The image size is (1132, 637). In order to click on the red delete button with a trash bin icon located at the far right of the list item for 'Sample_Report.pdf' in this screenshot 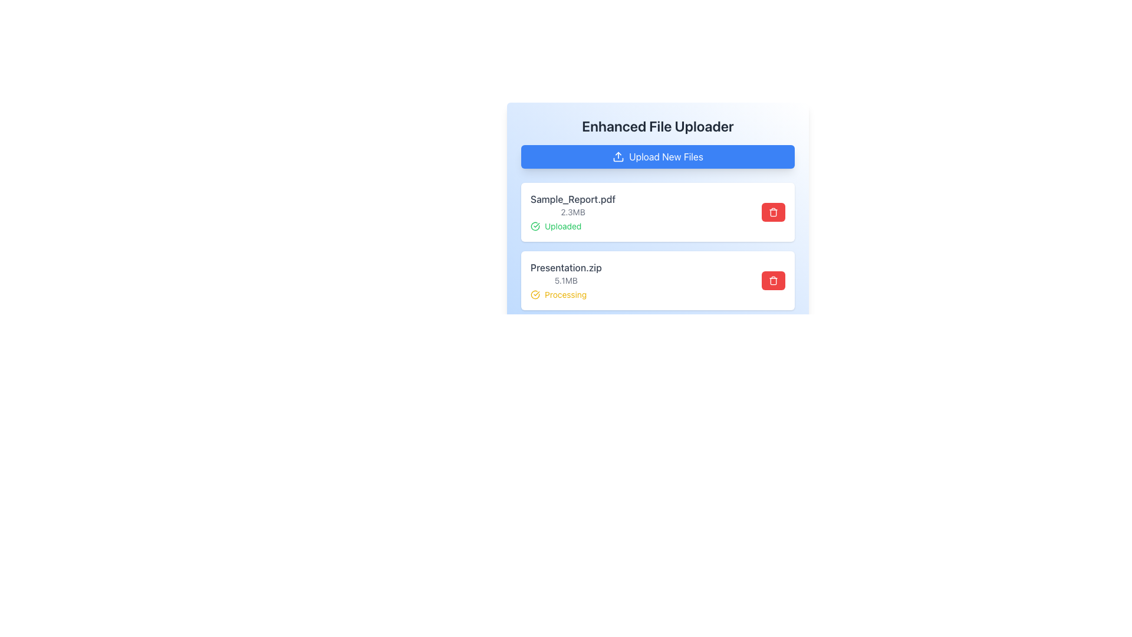, I will do `click(773, 211)`.